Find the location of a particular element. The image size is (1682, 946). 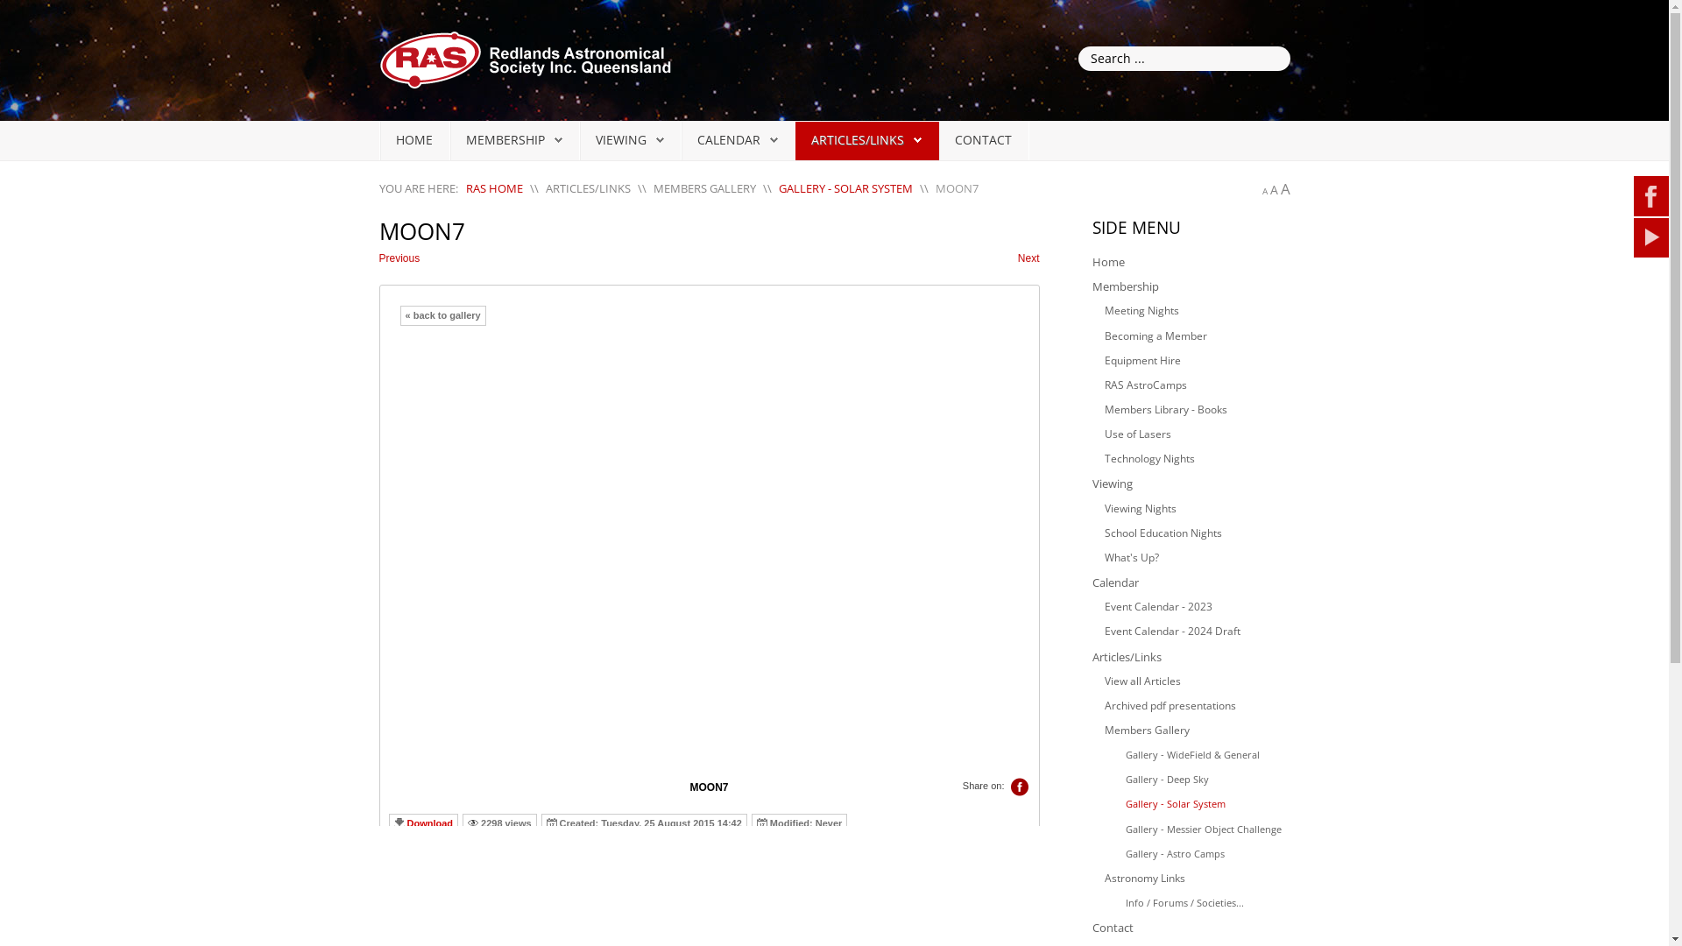

'MEMBERSHIP' is located at coordinates (504, 138).